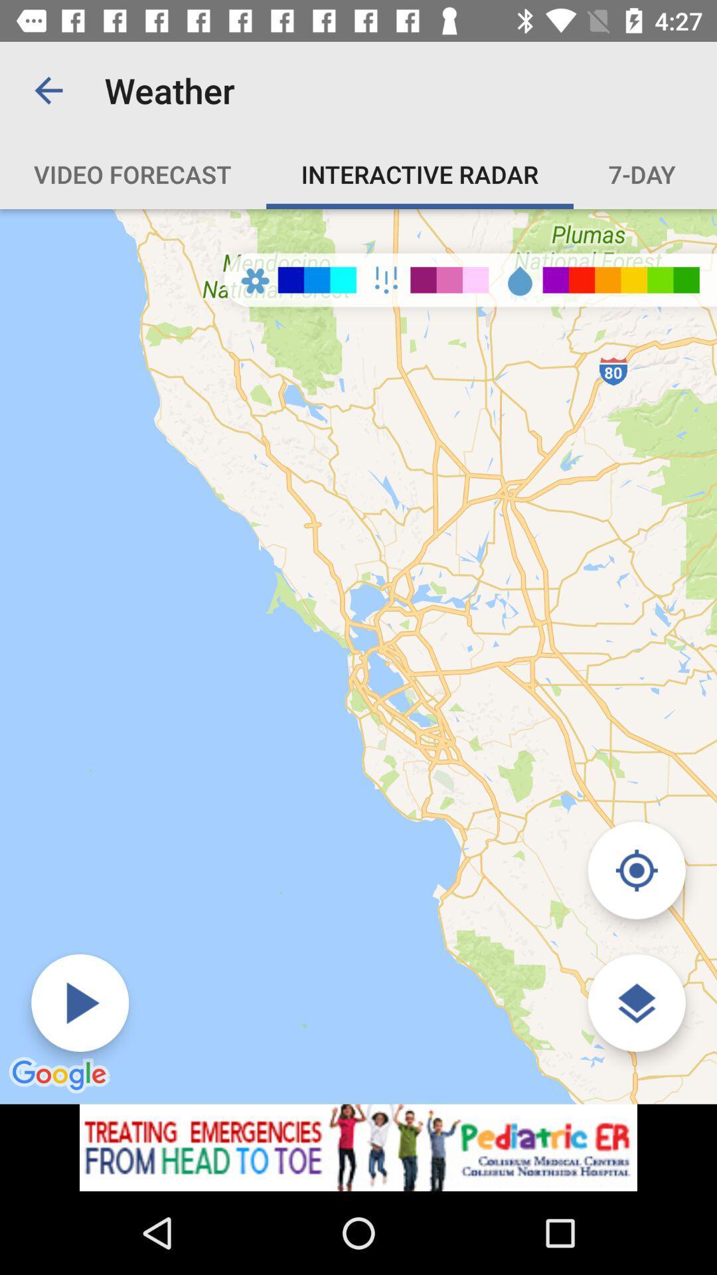 This screenshot has height=1275, width=717. What do you see at coordinates (636, 1003) in the screenshot?
I see `find location` at bounding box center [636, 1003].